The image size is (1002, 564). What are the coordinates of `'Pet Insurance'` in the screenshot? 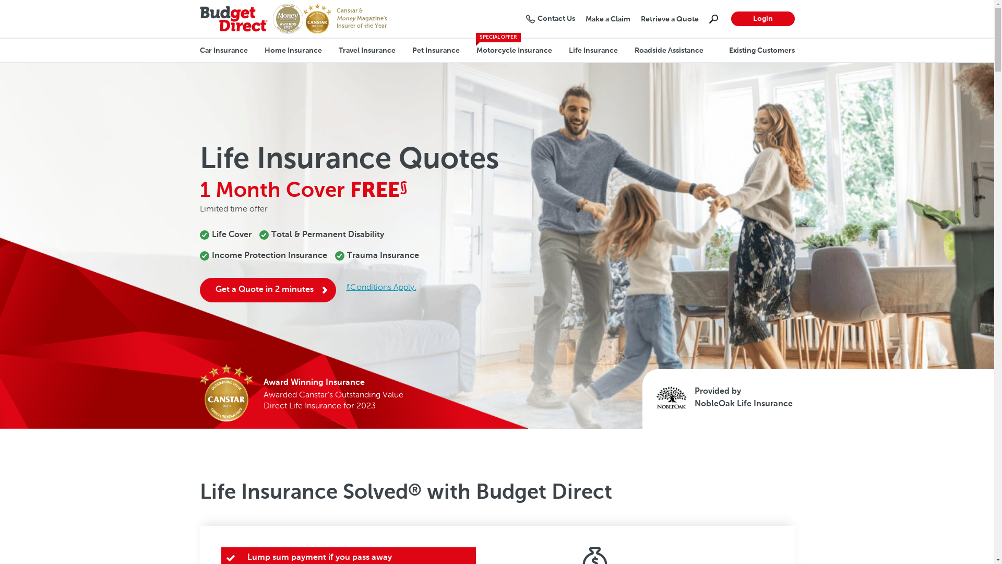 It's located at (436, 51).